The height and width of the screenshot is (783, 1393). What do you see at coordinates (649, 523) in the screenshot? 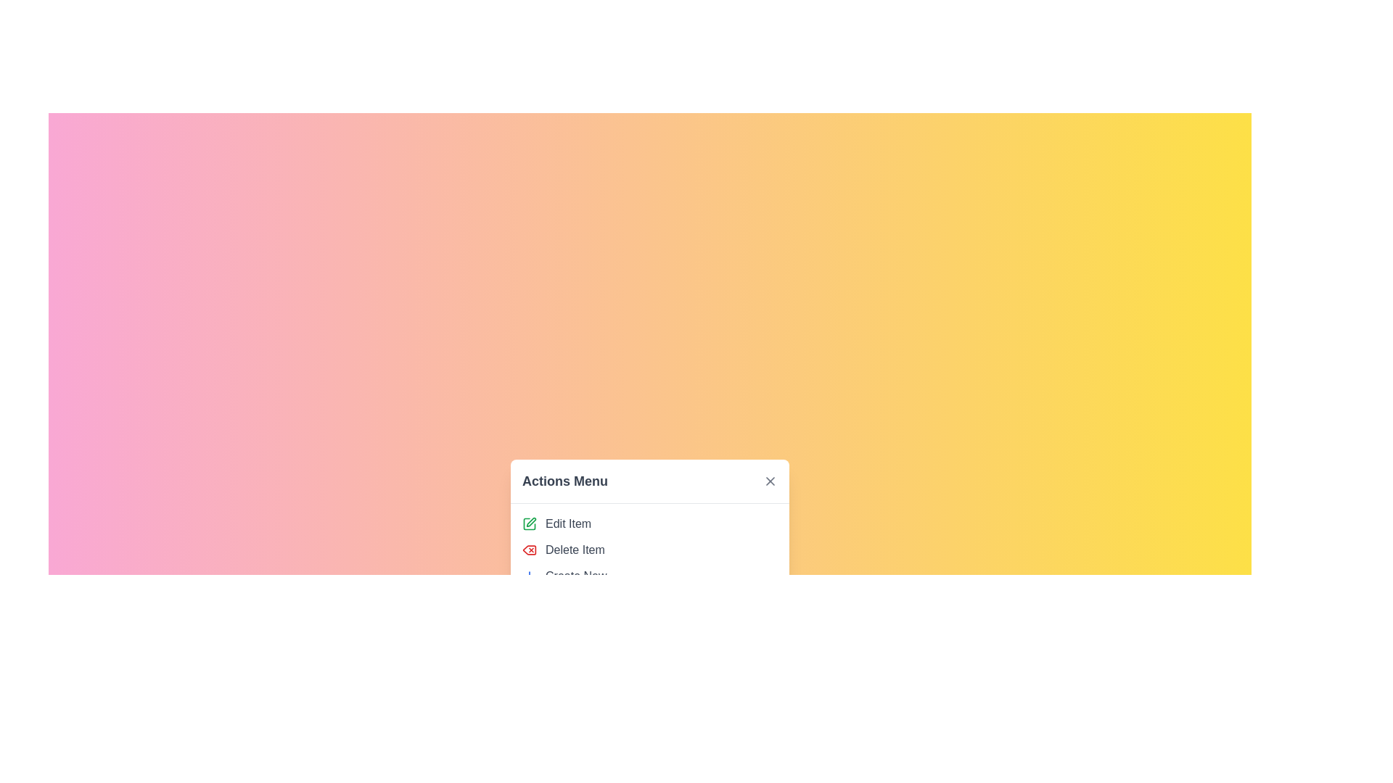
I see `the first Button-like menu option in the 'Actions Menu'` at bounding box center [649, 523].